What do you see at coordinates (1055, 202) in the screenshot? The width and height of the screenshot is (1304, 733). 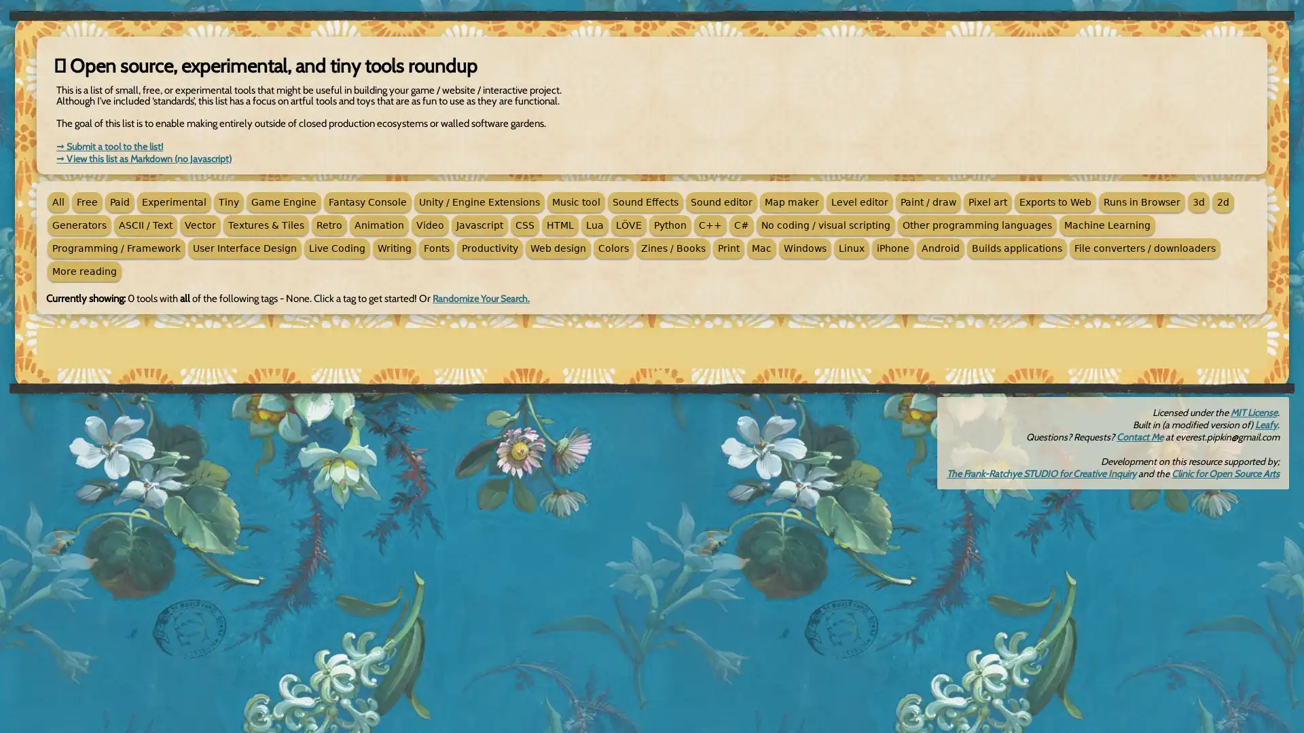 I see `Exports to Web` at bounding box center [1055, 202].